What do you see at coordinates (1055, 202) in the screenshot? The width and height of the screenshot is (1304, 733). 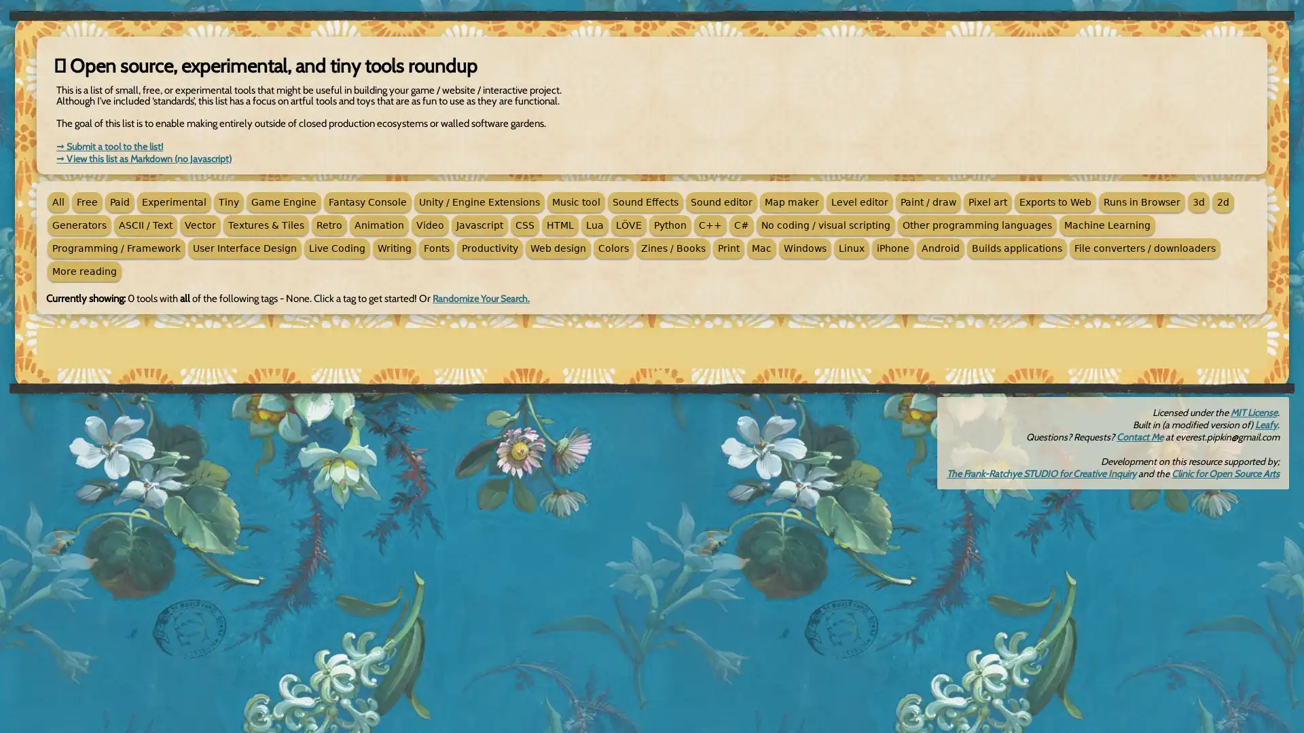 I see `Exports to Web` at bounding box center [1055, 202].